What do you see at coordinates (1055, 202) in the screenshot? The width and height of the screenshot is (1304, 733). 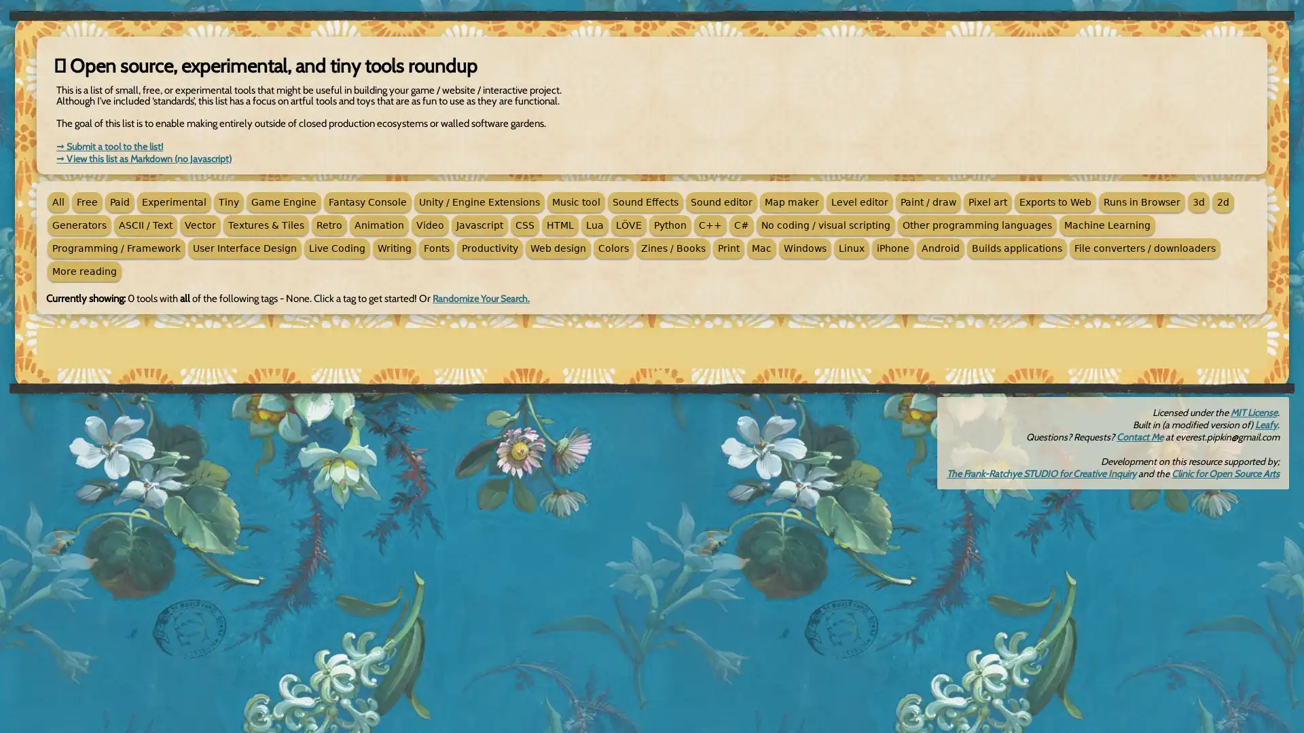 I see `Exports to Web` at bounding box center [1055, 202].